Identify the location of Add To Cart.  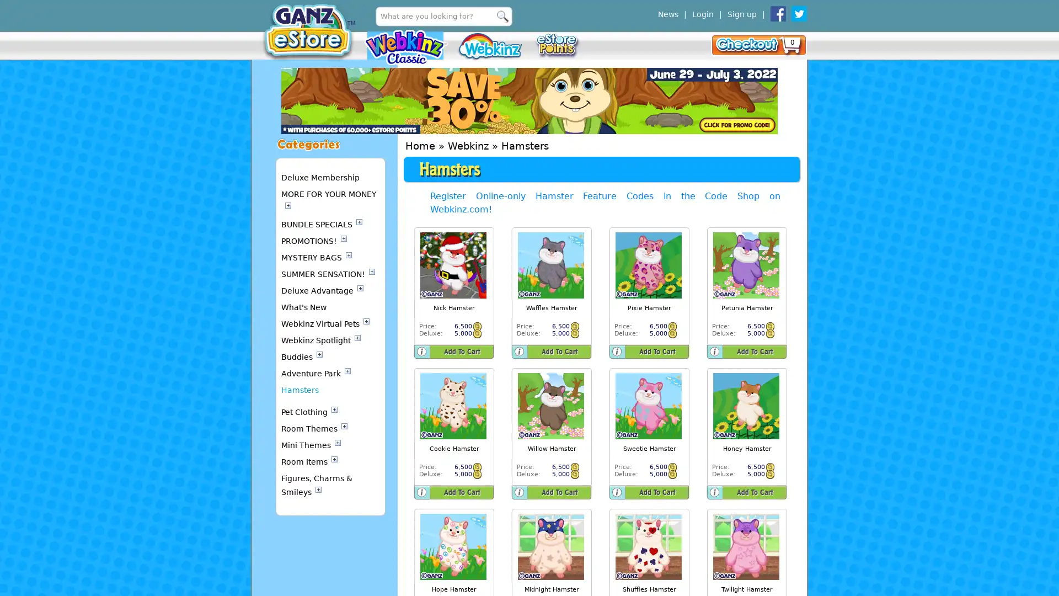
(754, 351).